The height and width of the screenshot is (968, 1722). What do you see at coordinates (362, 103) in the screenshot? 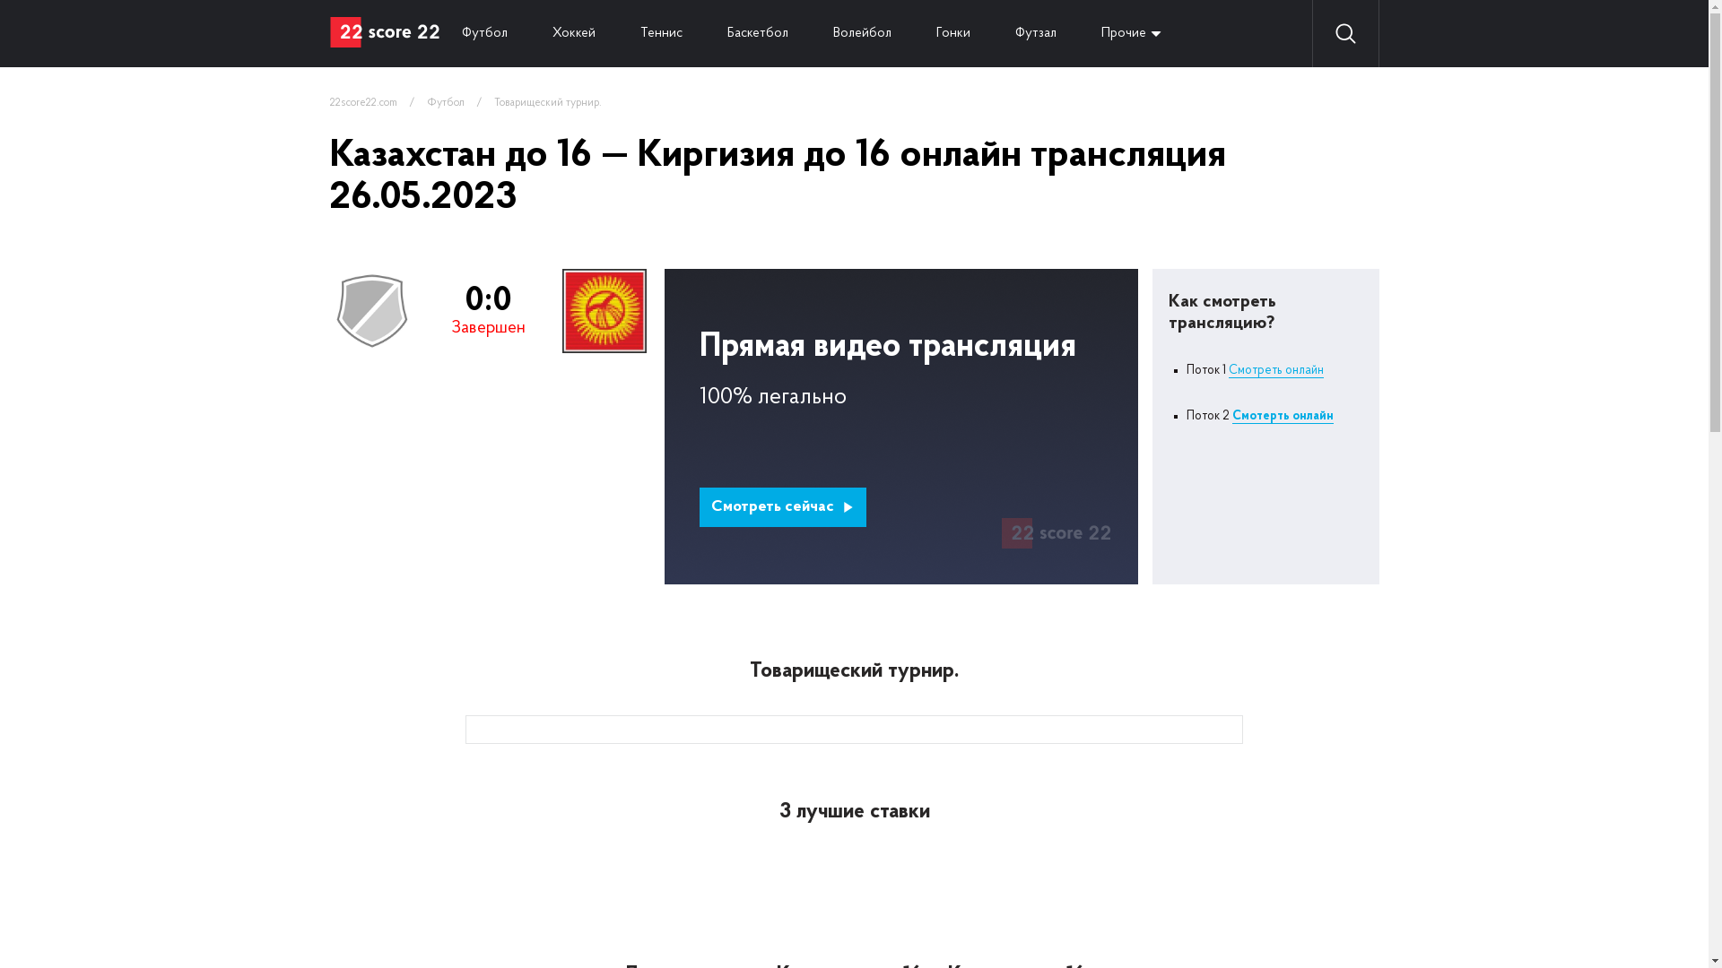
I see `'22score22.com'` at bounding box center [362, 103].